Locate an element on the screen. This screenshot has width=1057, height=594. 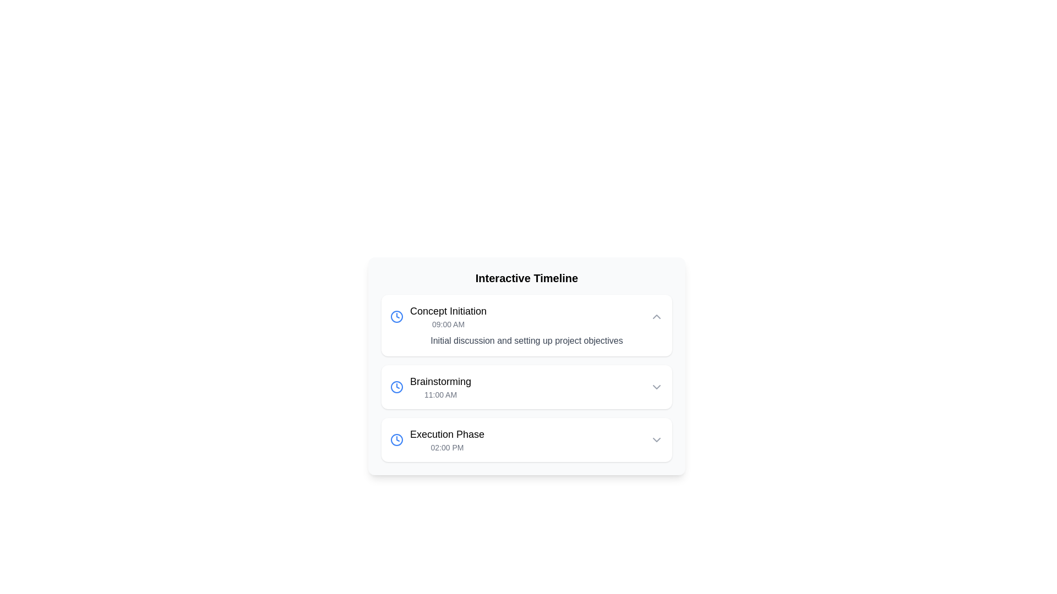
the decorative circle element within the clock icon that denotes time-related functionality, located next to the 'Concept Initiation' timeline entry is located at coordinates (396, 387).